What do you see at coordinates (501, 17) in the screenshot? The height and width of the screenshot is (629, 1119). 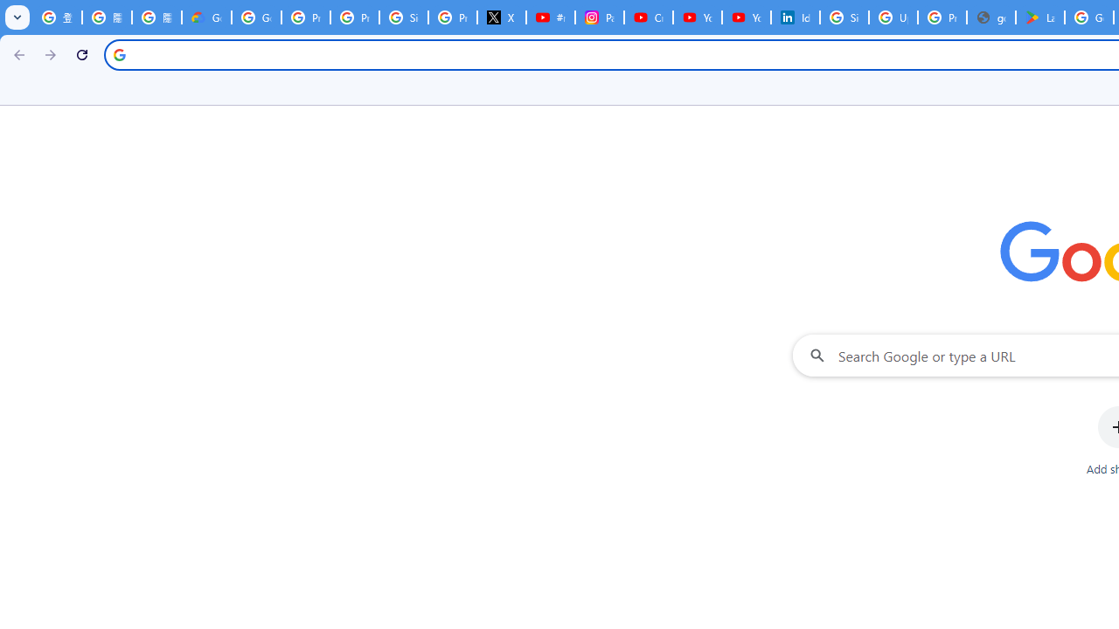 I see `'X'` at bounding box center [501, 17].